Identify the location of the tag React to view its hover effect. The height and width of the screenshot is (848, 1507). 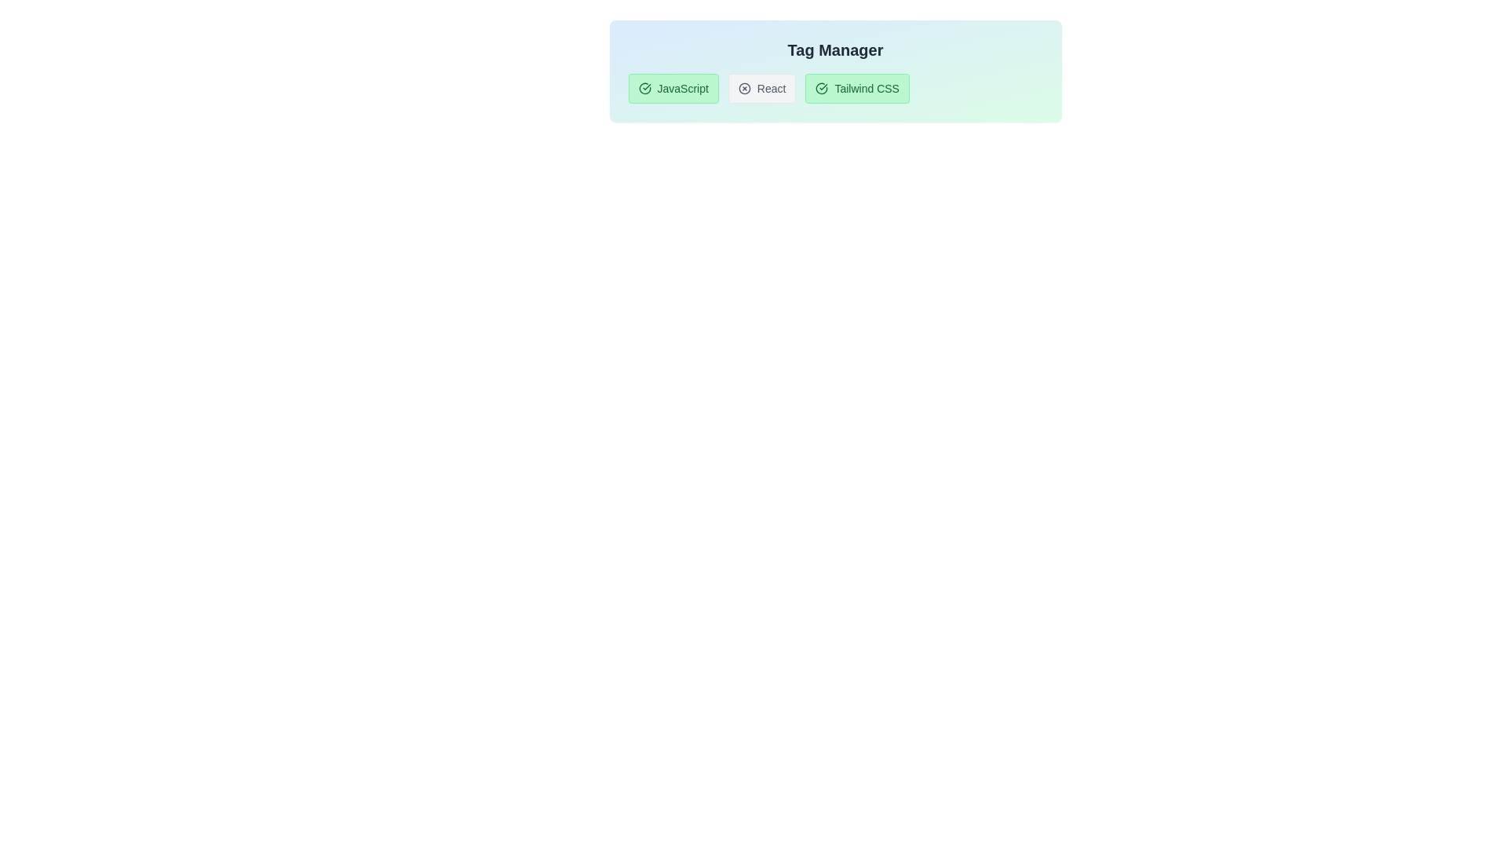
(762, 88).